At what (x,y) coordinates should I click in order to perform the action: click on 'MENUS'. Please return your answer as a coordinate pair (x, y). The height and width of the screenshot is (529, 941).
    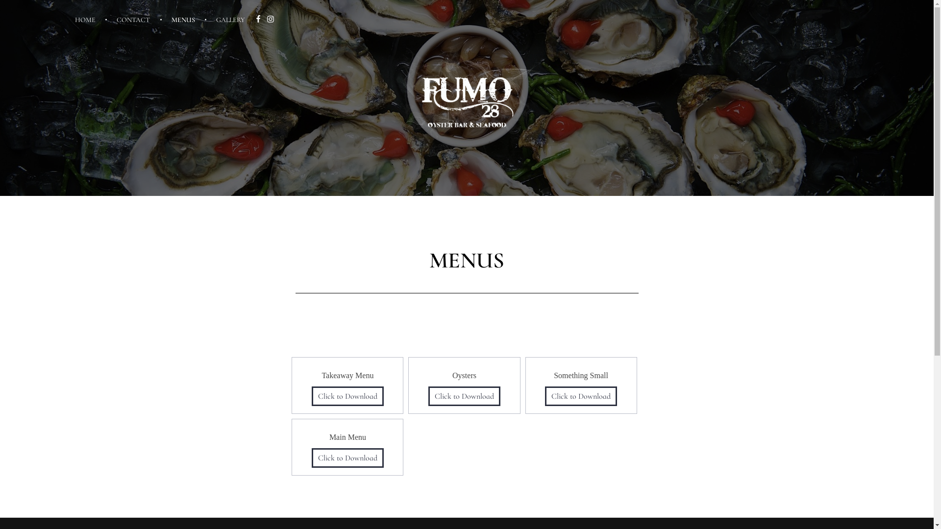
    Looking at the image, I should click on (185, 19).